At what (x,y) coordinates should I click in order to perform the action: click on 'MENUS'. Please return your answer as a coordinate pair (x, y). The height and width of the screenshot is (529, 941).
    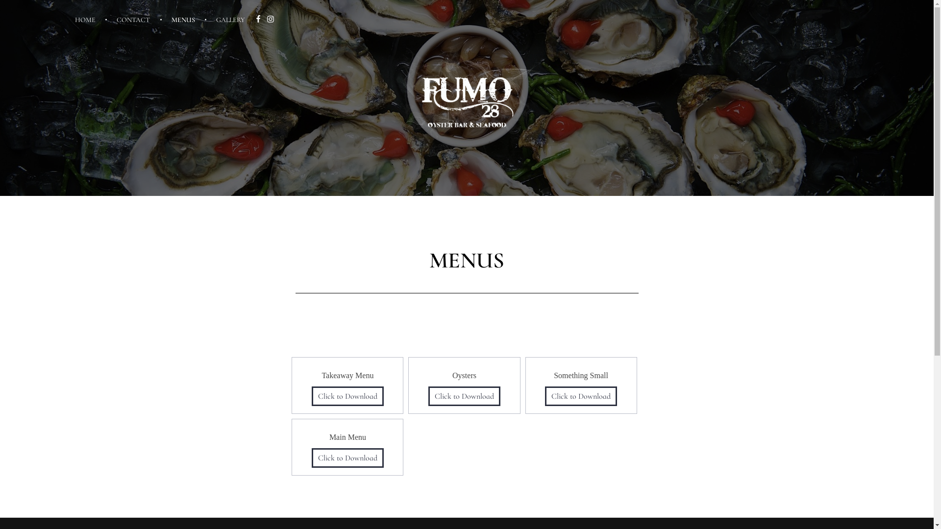
    Looking at the image, I should click on (185, 19).